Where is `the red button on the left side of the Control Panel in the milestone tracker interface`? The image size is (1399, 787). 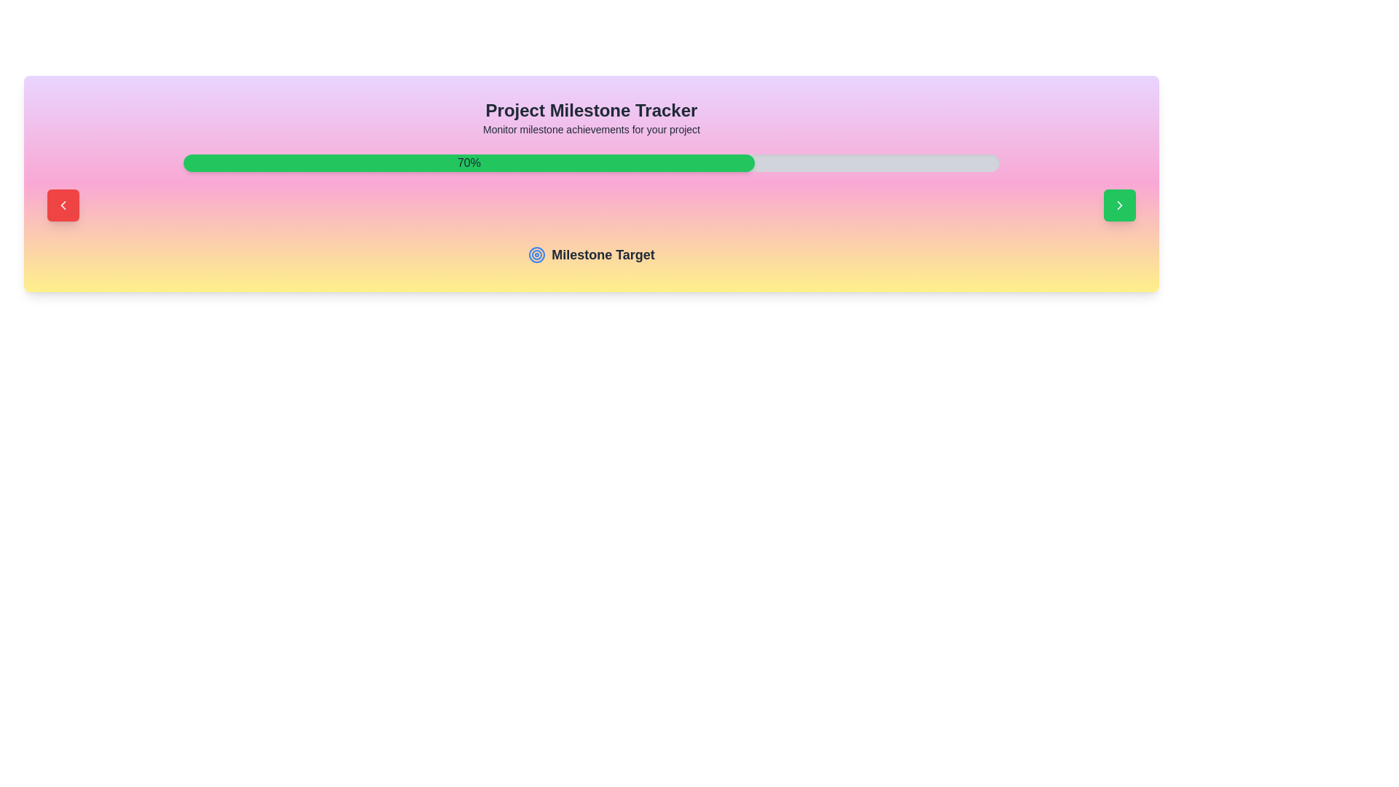 the red button on the left side of the Control Panel in the milestone tracker interface is located at coordinates (591, 205).